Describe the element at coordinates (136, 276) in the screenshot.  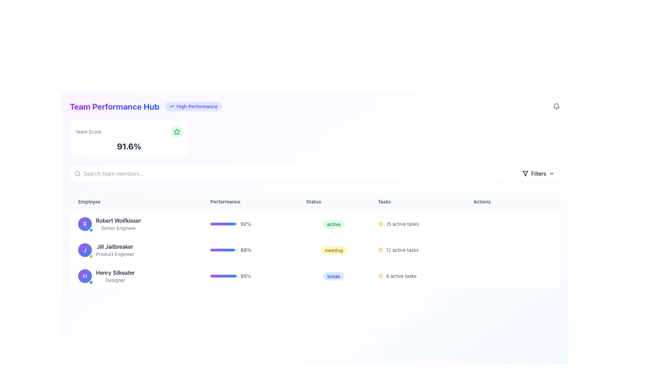
I see `the Composite profile display for employee 'Henry Silkeater', identified as the third entry in the 'Employee' column` at that location.